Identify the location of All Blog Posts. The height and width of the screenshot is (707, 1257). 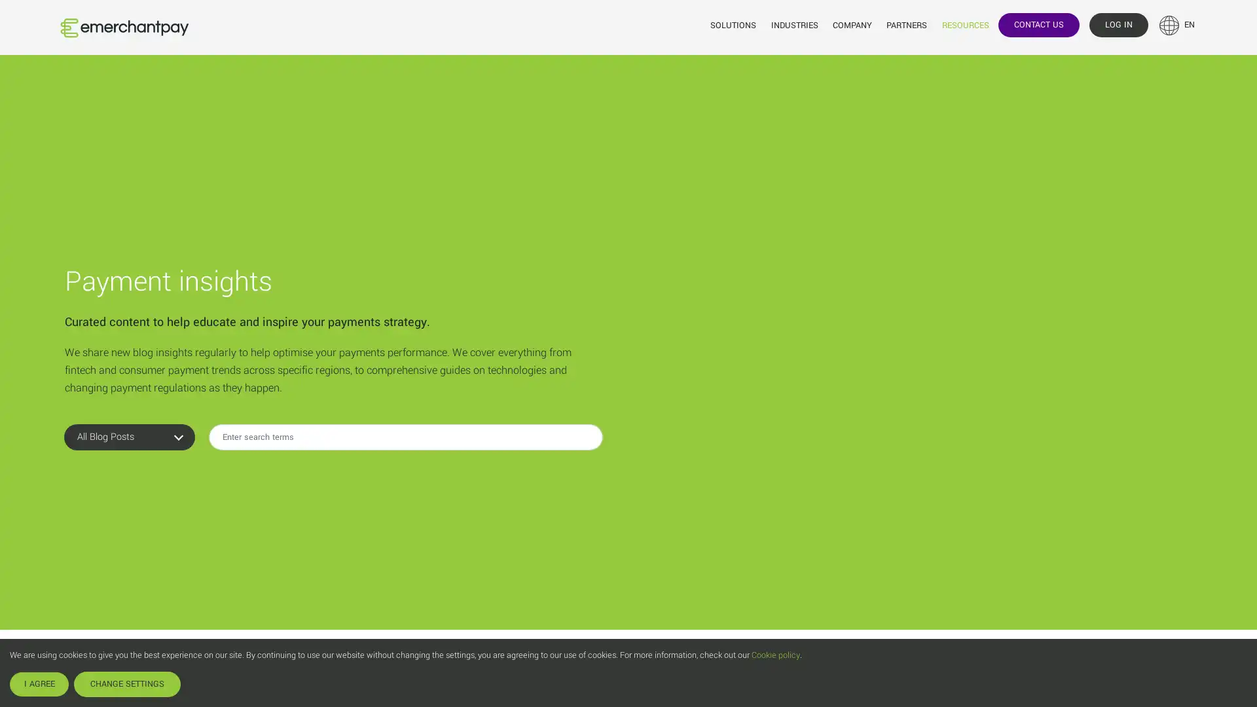
(129, 472).